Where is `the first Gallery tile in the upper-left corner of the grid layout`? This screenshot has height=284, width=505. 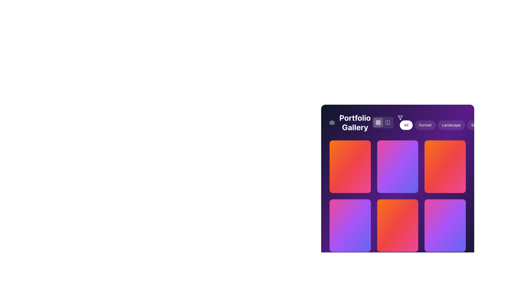 the first Gallery tile in the upper-left corner of the grid layout is located at coordinates (350, 166).